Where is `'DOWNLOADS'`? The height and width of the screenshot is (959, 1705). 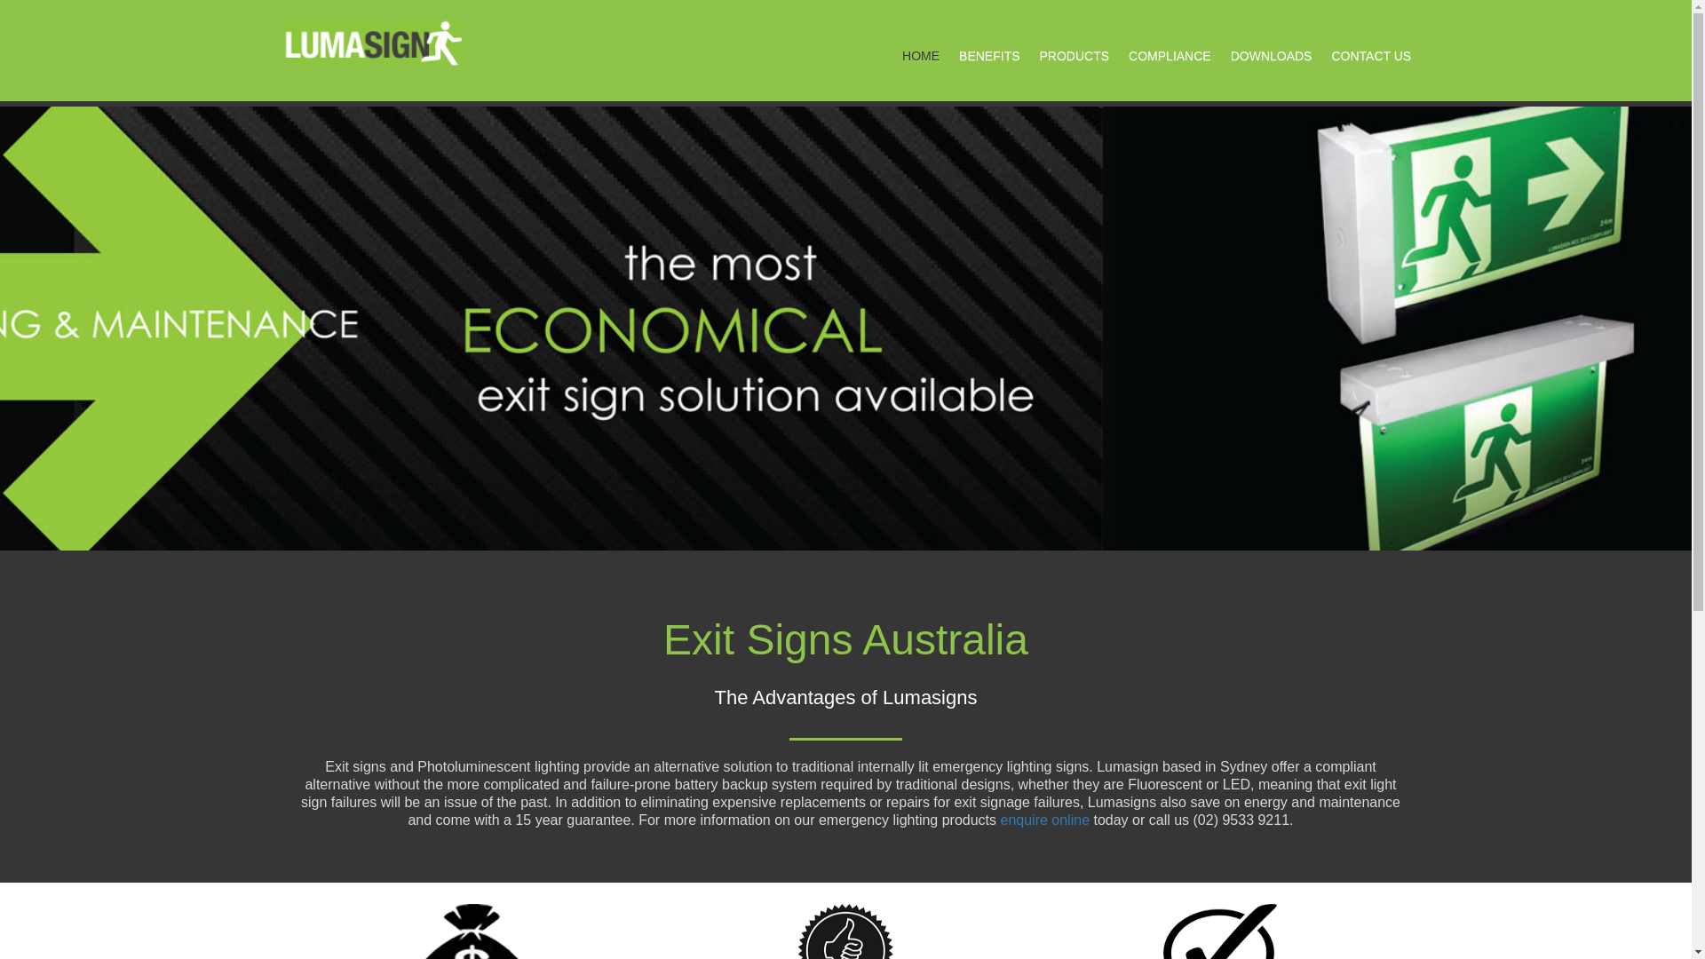
'DOWNLOADS' is located at coordinates (1270, 54).